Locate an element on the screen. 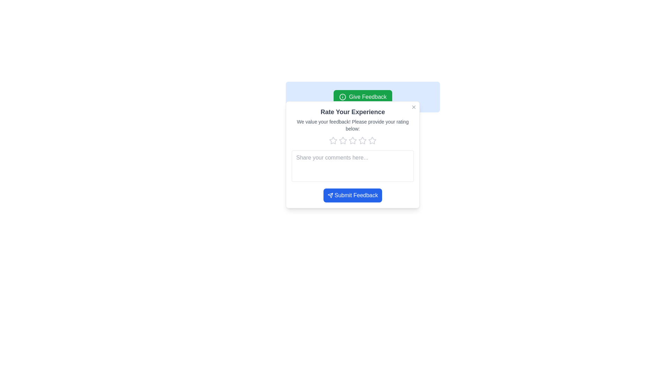 This screenshot has height=377, width=670. the fifth star icon in the 'Rate Your Experience' modal is located at coordinates (372, 140).